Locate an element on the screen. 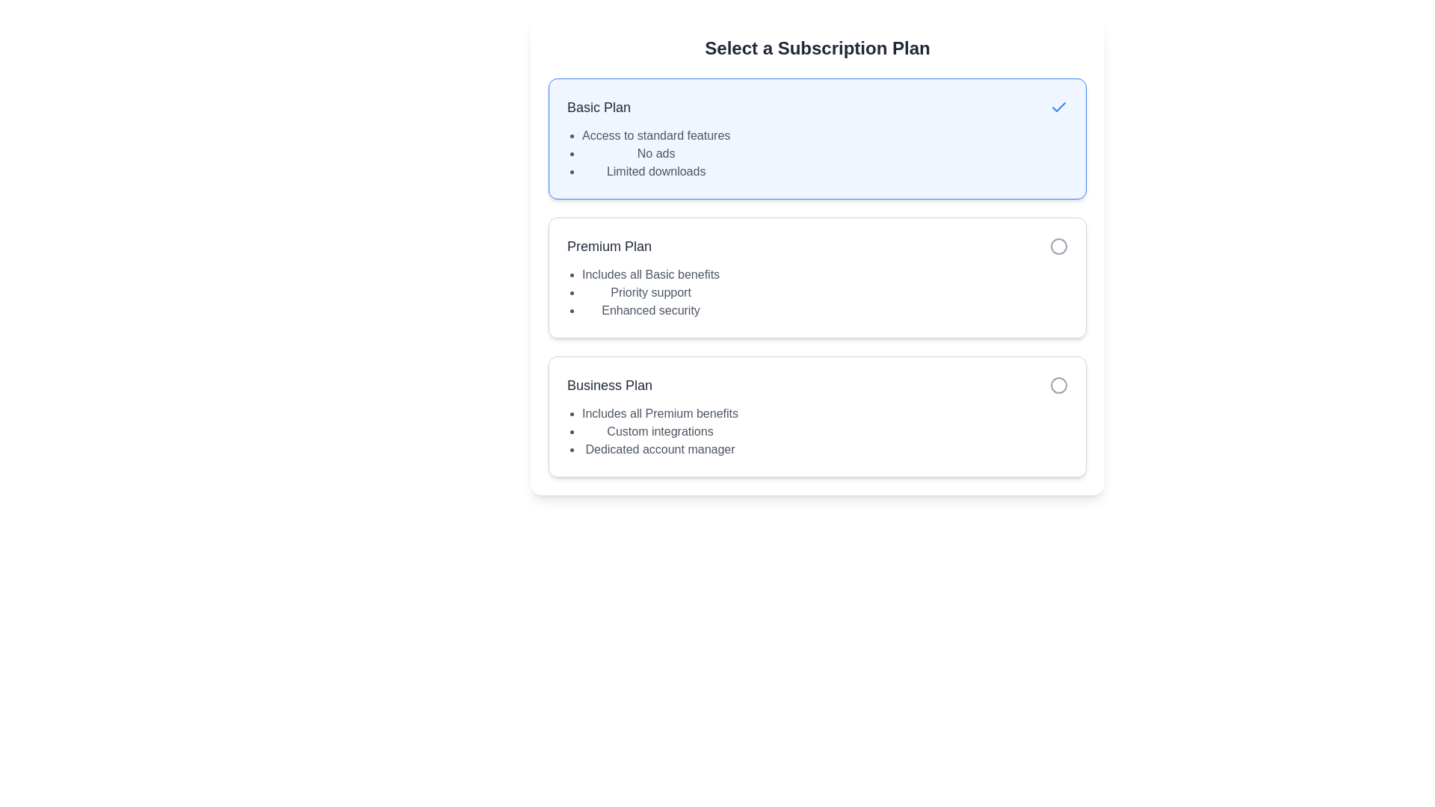 The width and height of the screenshot is (1435, 807). the static text label displaying 'Enhanced security' in gray font, which is the last item in the bulleted list under the 'Premium Plan' section is located at coordinates (651, 310).